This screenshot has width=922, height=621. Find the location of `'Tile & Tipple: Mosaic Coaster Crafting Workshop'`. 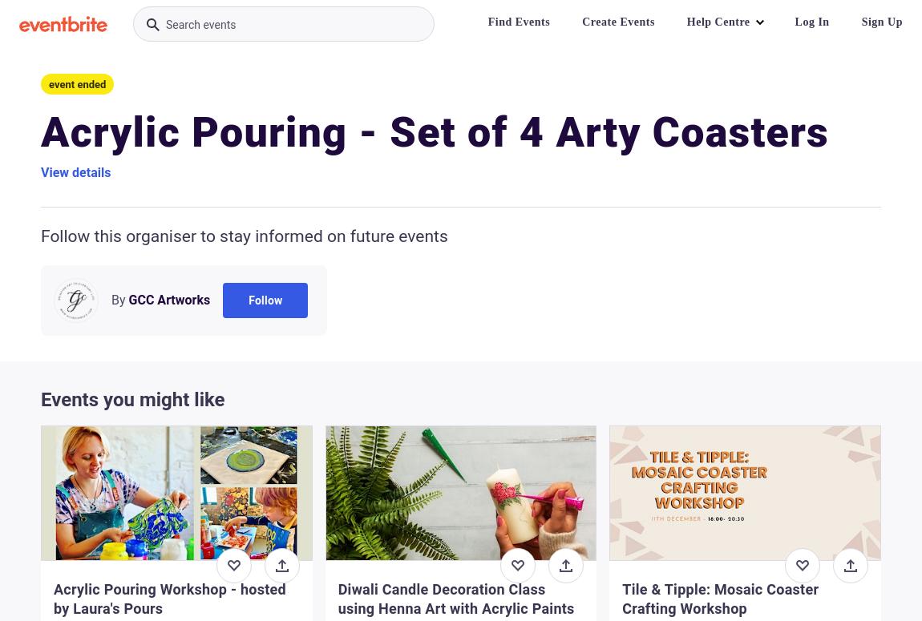

'Tile & Tipple: Mosaic Coaster Crafting Workshop' is located at coordinates (720, 598).